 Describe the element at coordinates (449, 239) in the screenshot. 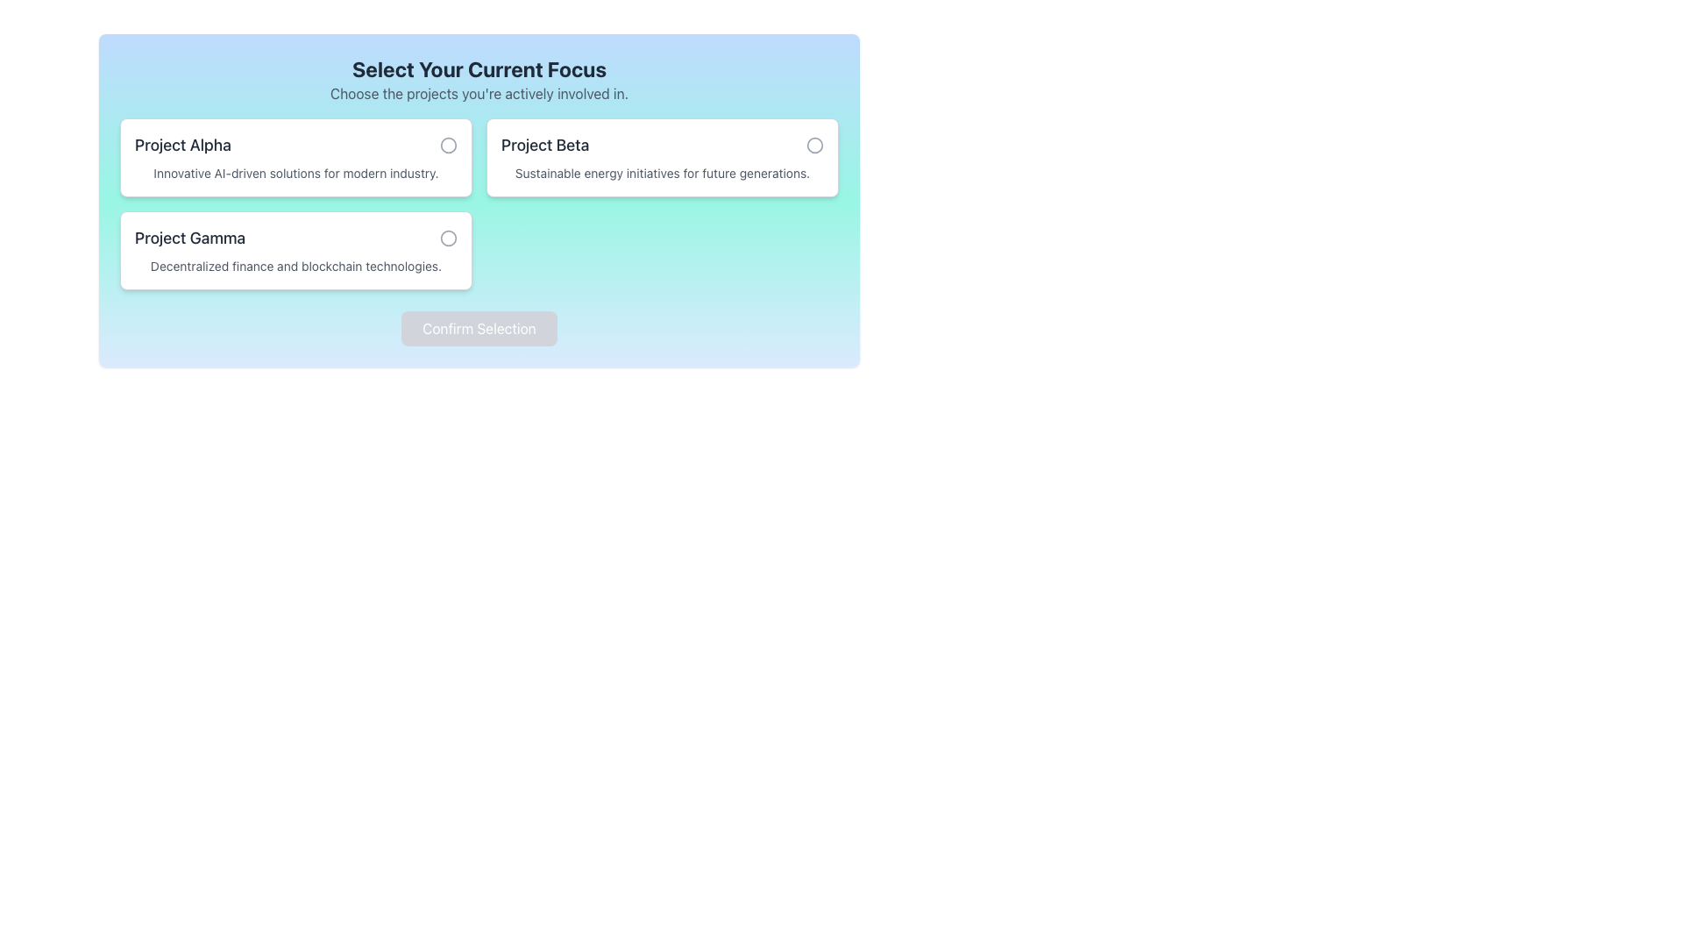

I see `the SVG circle graphical icon located within the card labeled 'Project Gamma', which is styled in gray color and positioned near the right edge of the card` at that location.